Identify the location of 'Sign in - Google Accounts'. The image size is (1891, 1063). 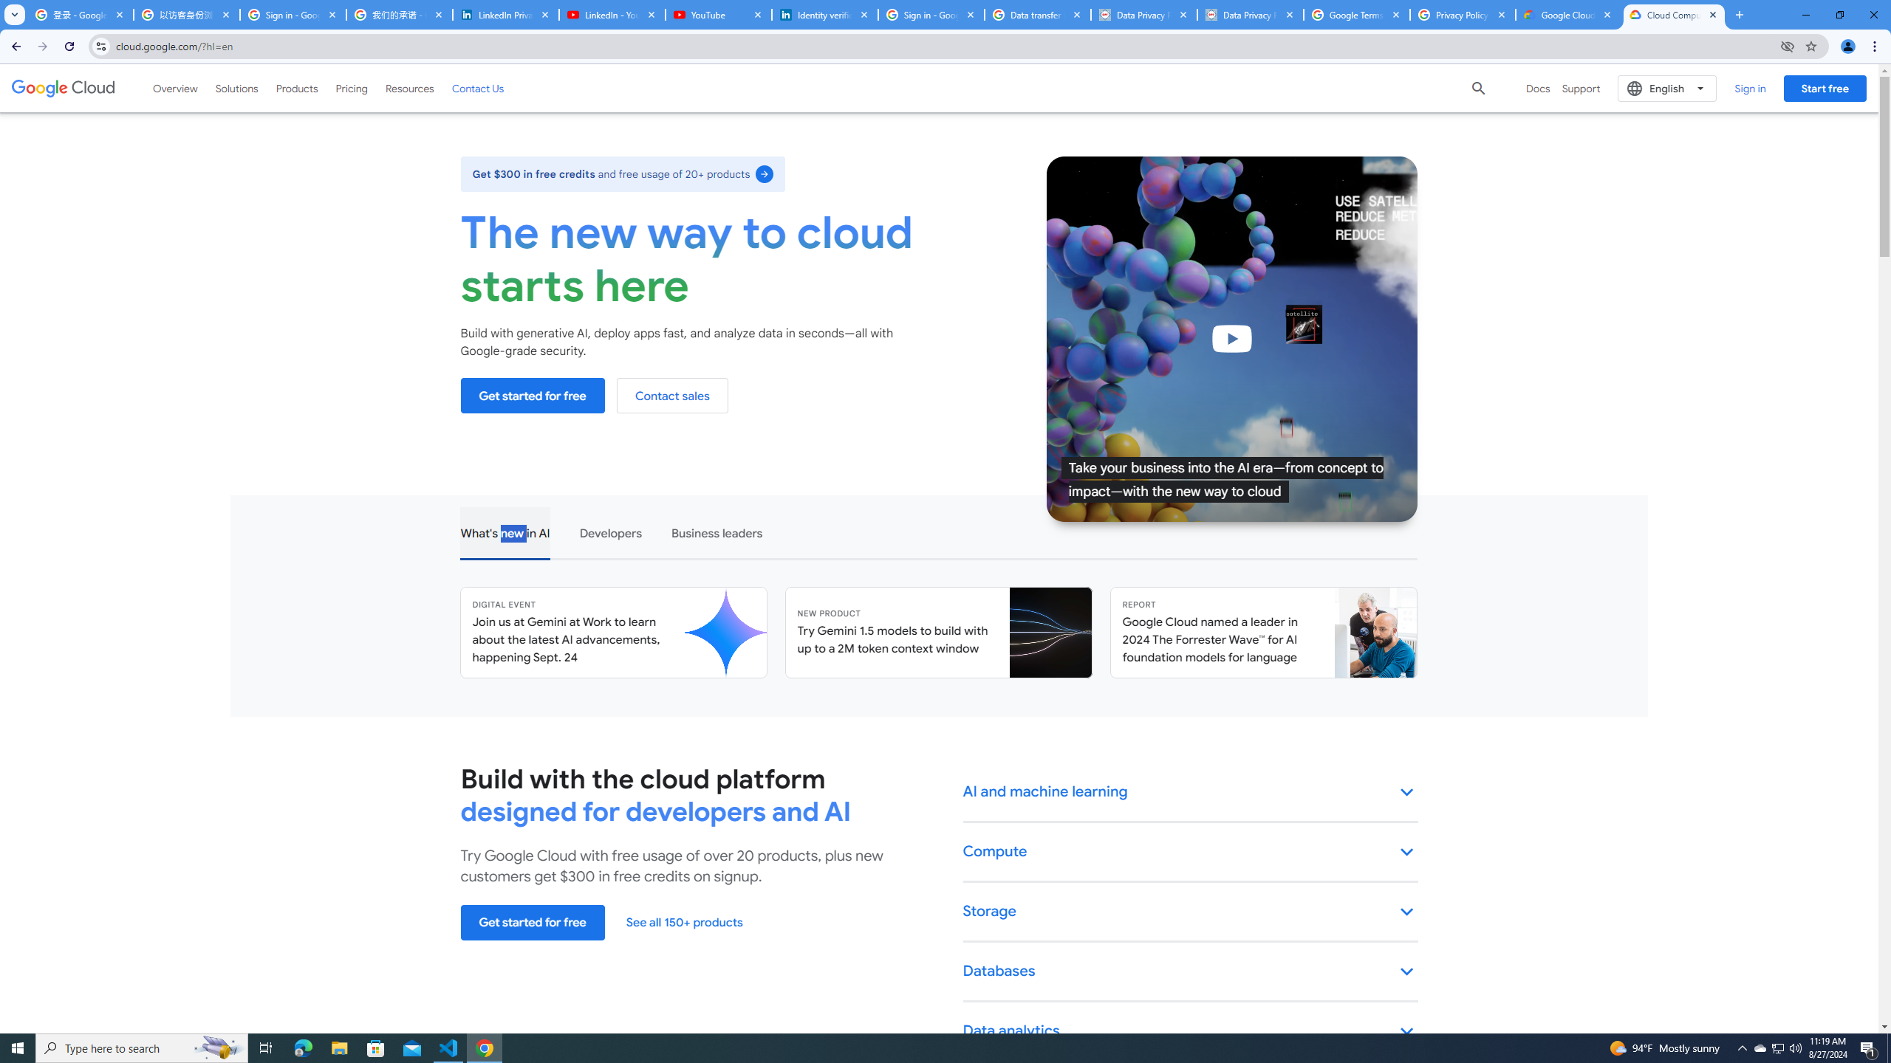
(292, 14).